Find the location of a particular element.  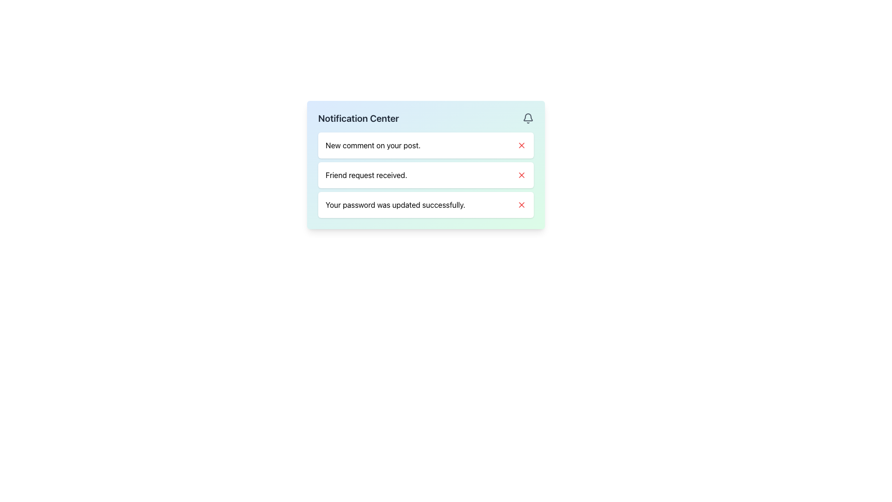

contents of the notification card that displays 'Friend request received.' located in the Notification Center, specifically the second notification in the list is located at coordinates (425, 175).